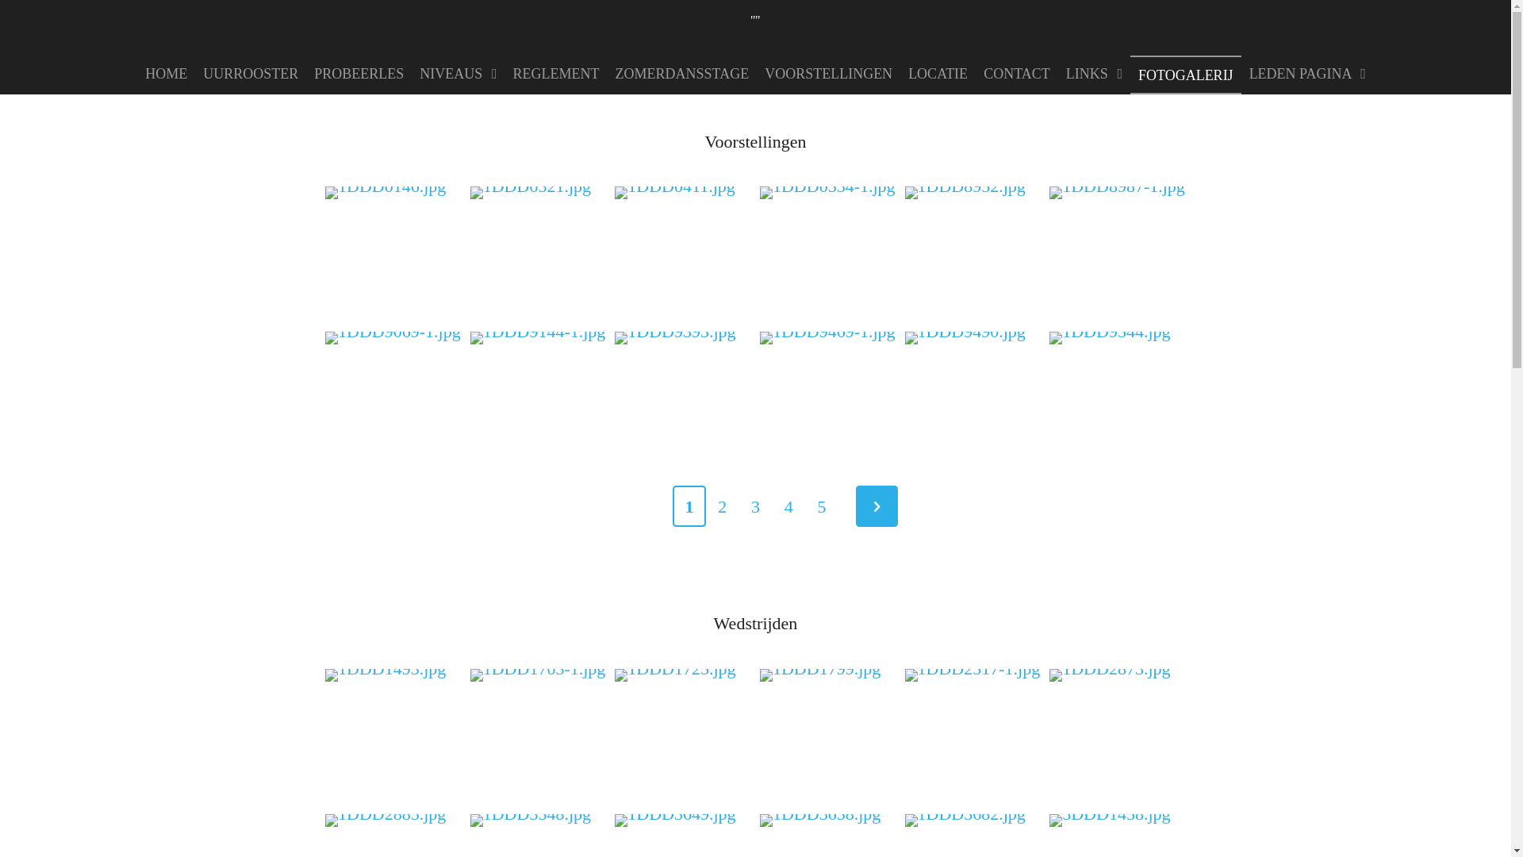 The width and height of the screenshot is (1523, 857). I want to click on 'NIVEAUS', so click(411, 73).